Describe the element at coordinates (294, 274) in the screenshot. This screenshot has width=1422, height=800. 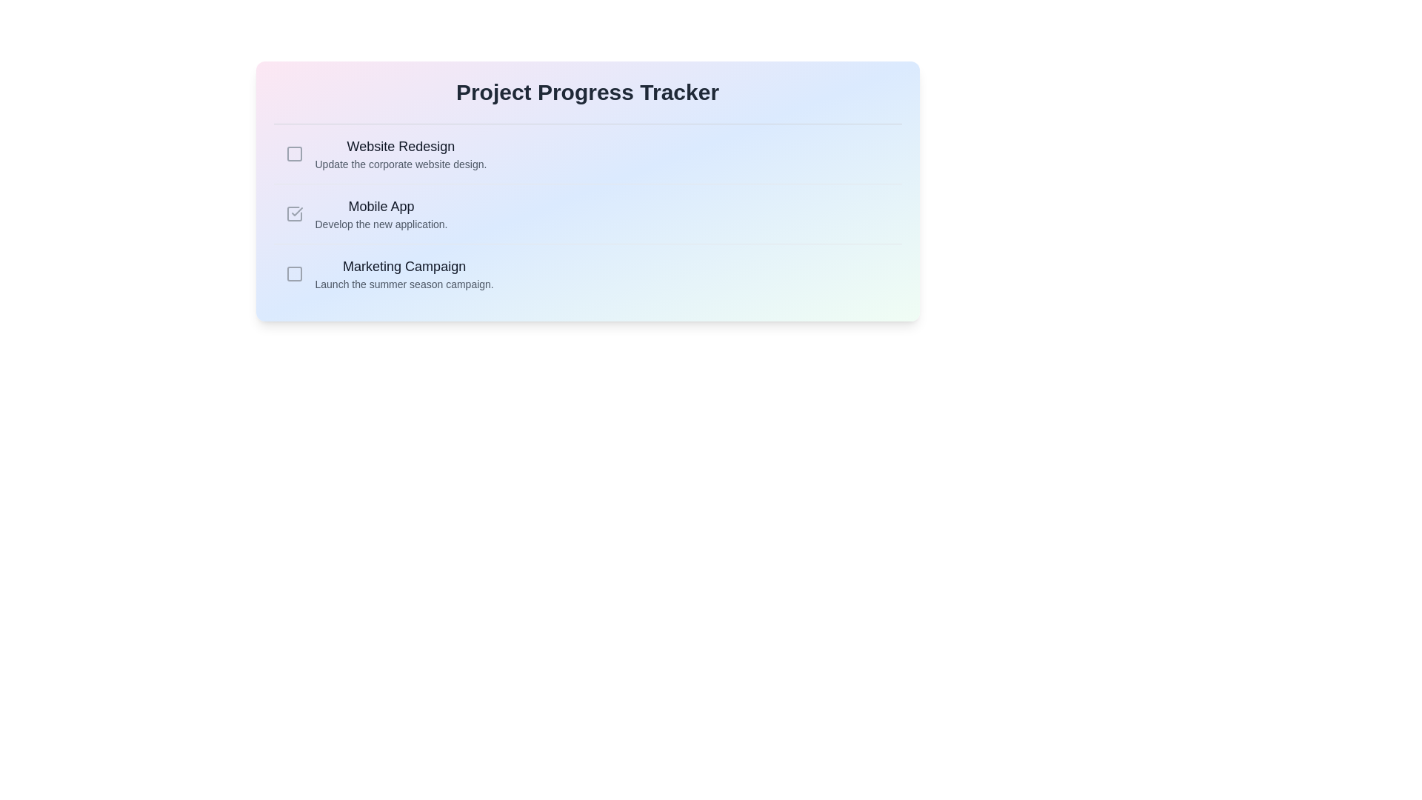
I see `the checkbox corresponding to the project titled 'Marketing Campaign' to toggle its completion status` at that location.